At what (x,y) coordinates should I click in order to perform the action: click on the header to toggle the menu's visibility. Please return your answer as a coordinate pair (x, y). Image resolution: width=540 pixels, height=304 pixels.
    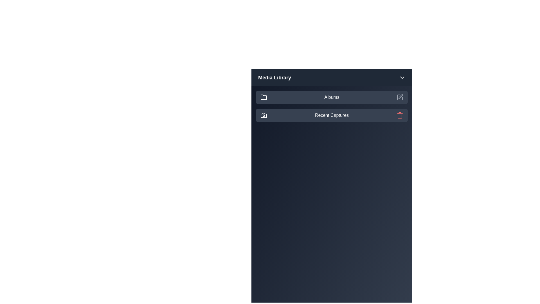
    Looking at the image, I should click on (332, 78).